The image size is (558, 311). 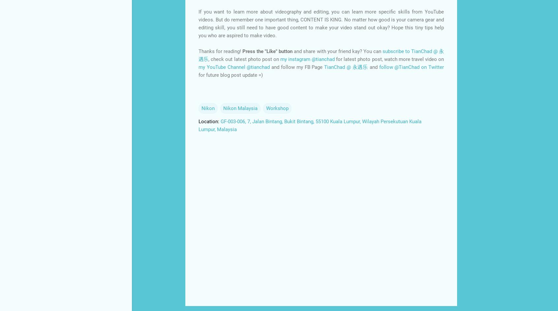 What do you see at coordinates (231, 74) in the screenshot?
I see `'for future blog post update =)'` at bounding box center [231, 74].